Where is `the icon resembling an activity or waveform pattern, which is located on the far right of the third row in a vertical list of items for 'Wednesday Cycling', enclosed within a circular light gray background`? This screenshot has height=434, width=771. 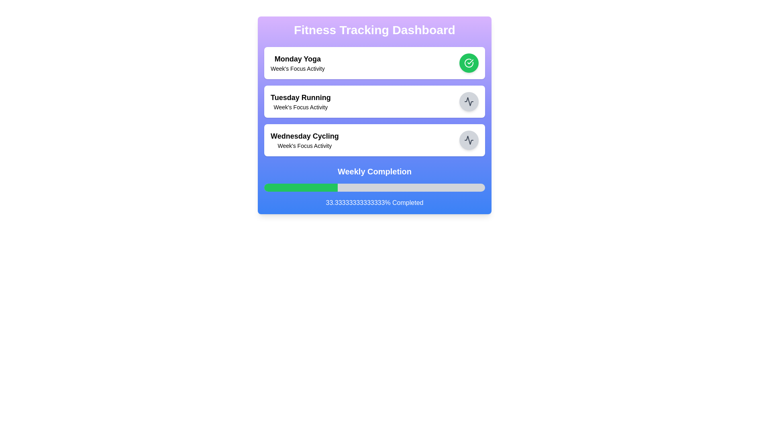 the icon resembling an activity or waveform pattern, which is located on the far right of the third row in a vertical list of items for 'Wednesday Cycling', enclosed within a circular light gray background is located at coordinates (469, 101).